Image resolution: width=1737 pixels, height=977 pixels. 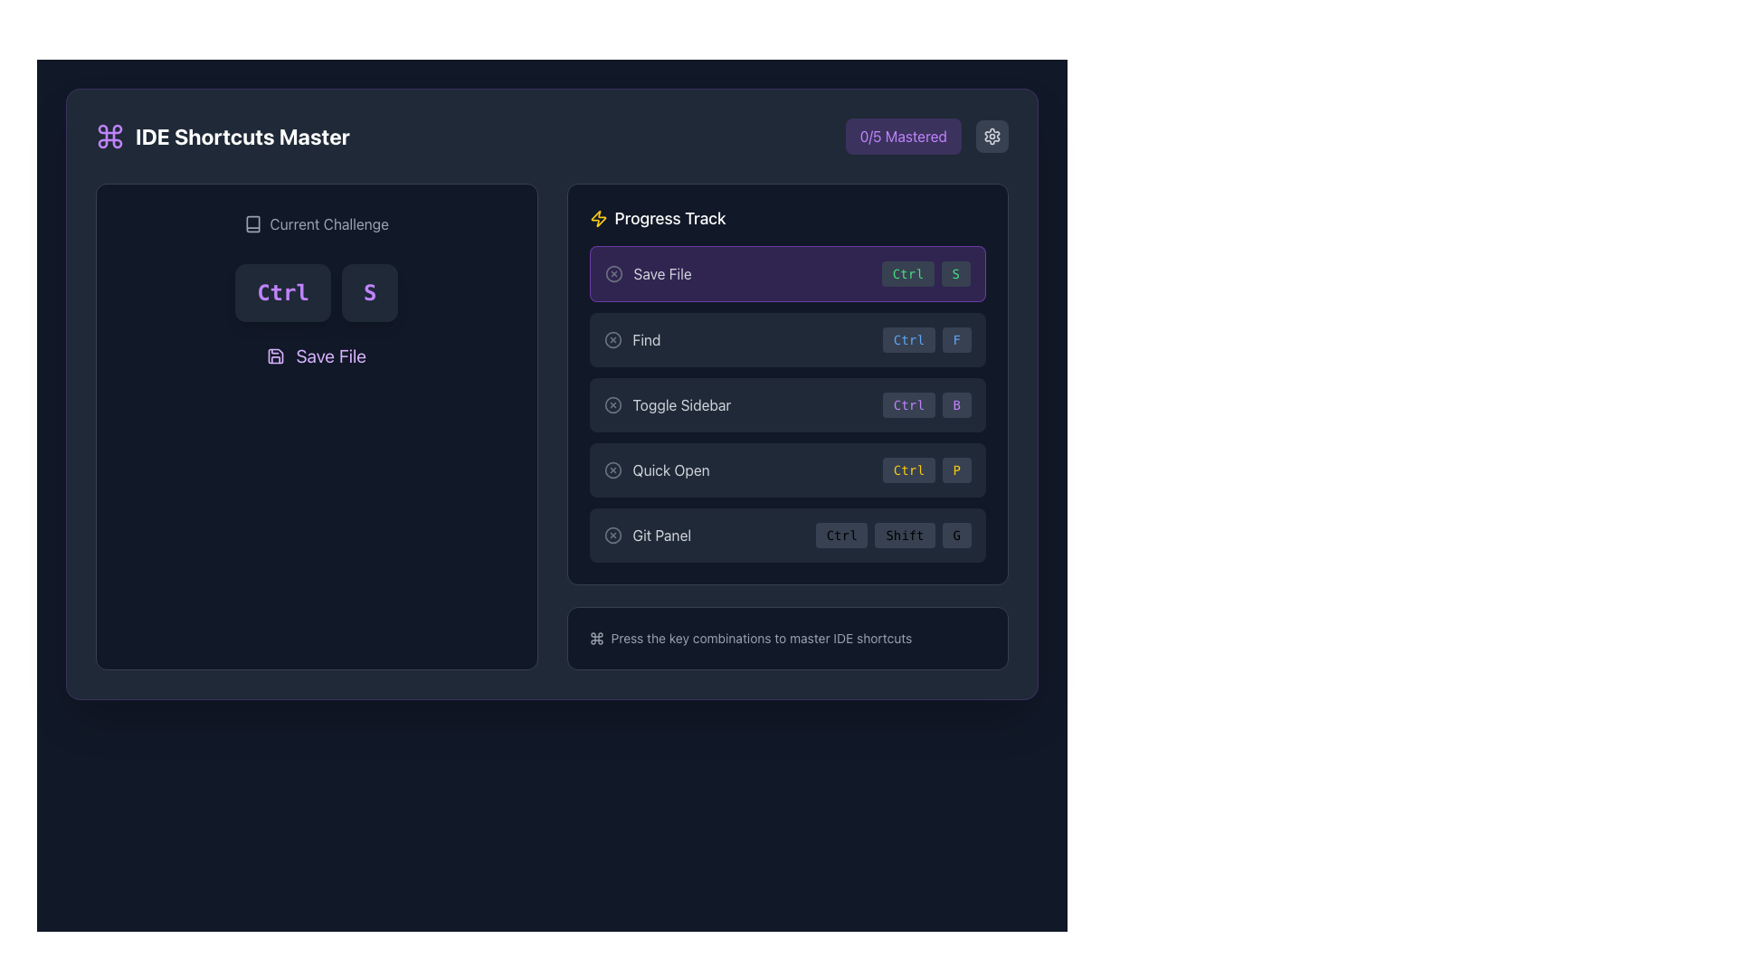 What do you see at coordinates (787, 403) in the screenshot?
I see `the third button-like shortcut item in the 'Progress Track' section that toggles the visibility of the sidebar` at bounding box center [787, 403].